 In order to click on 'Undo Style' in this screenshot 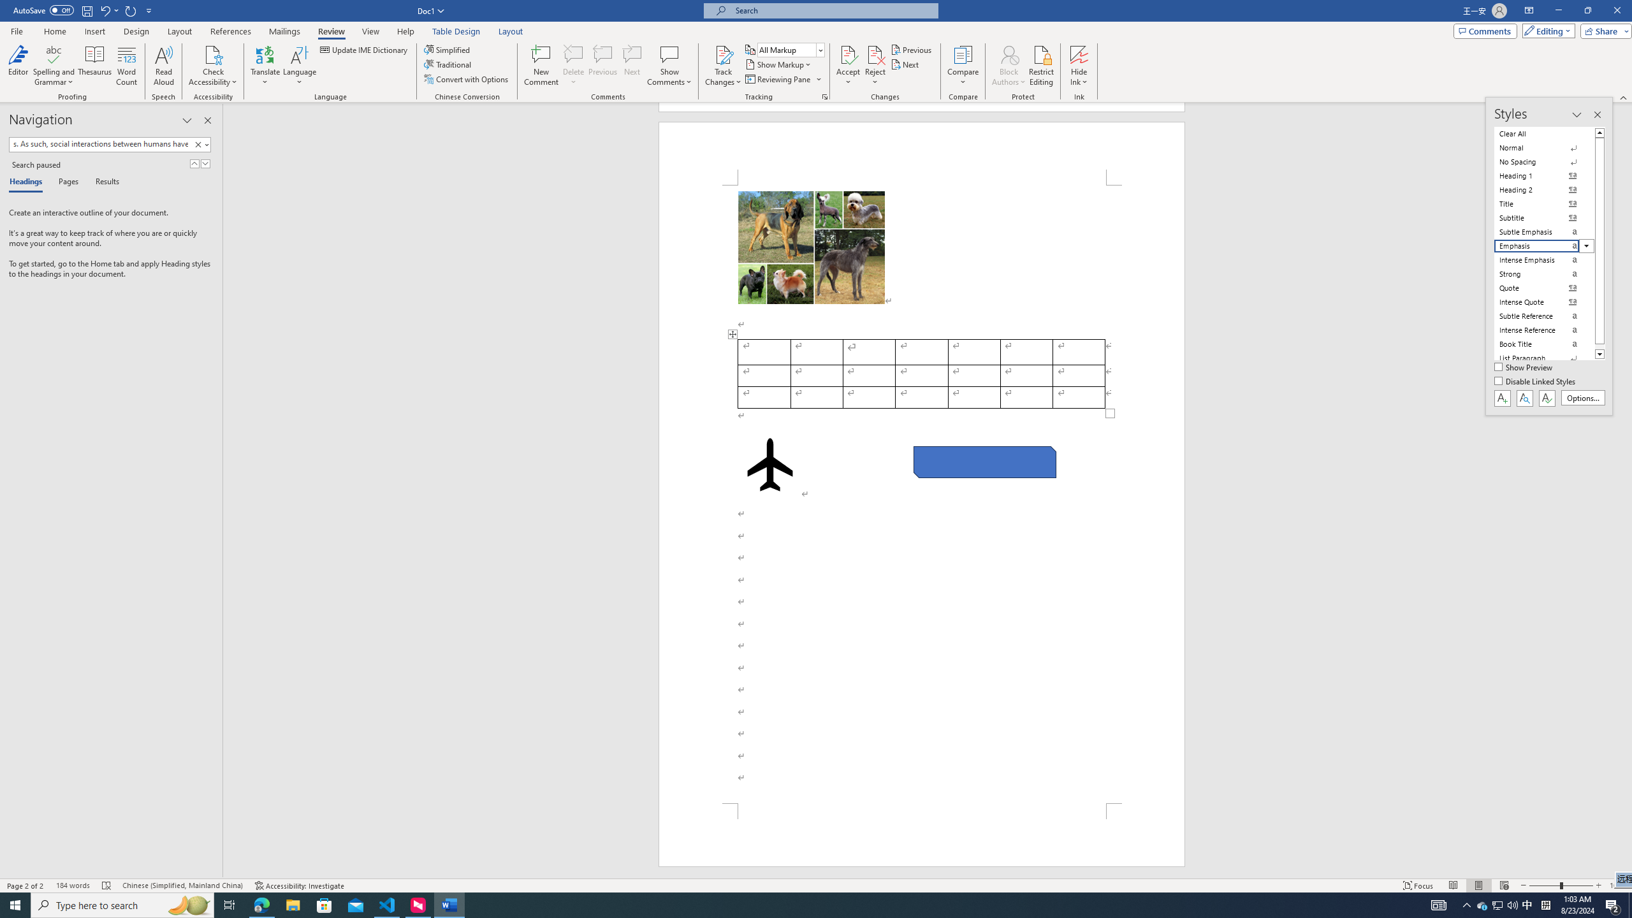, I will do `click(108, 10)`.